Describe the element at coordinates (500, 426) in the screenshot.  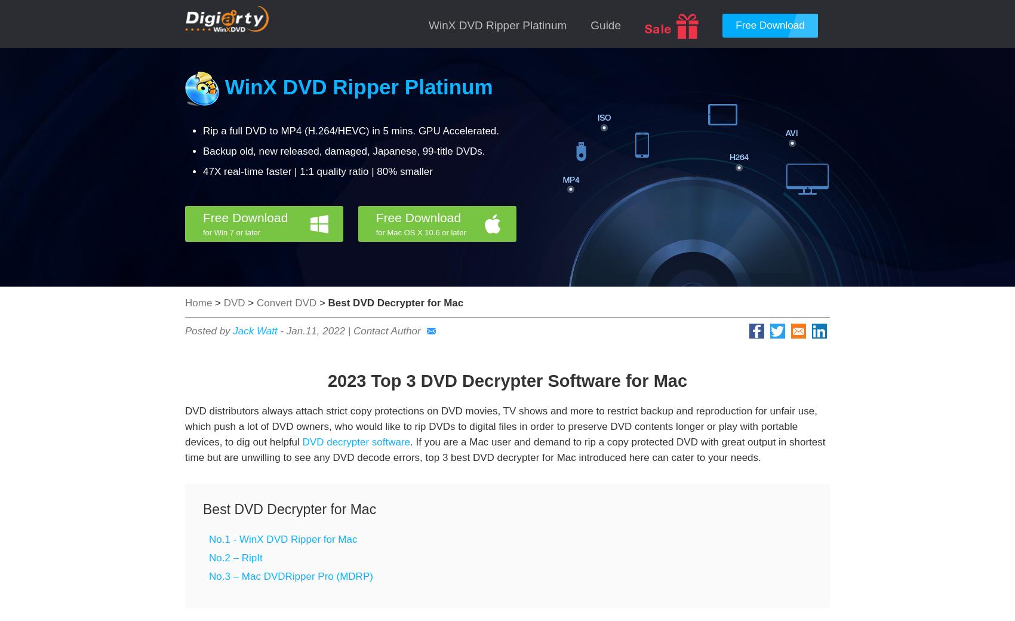
I see `'DVD distributors always attach strict copy protections on DVD movies, TV shows and more to restrict backup and reproduction for unfair use, which push a lot of DVD owners, who would like to rip DVDs to digital files in order to preserve DVD contents longer or play with portable devices, to dig out helpful'` at that location.